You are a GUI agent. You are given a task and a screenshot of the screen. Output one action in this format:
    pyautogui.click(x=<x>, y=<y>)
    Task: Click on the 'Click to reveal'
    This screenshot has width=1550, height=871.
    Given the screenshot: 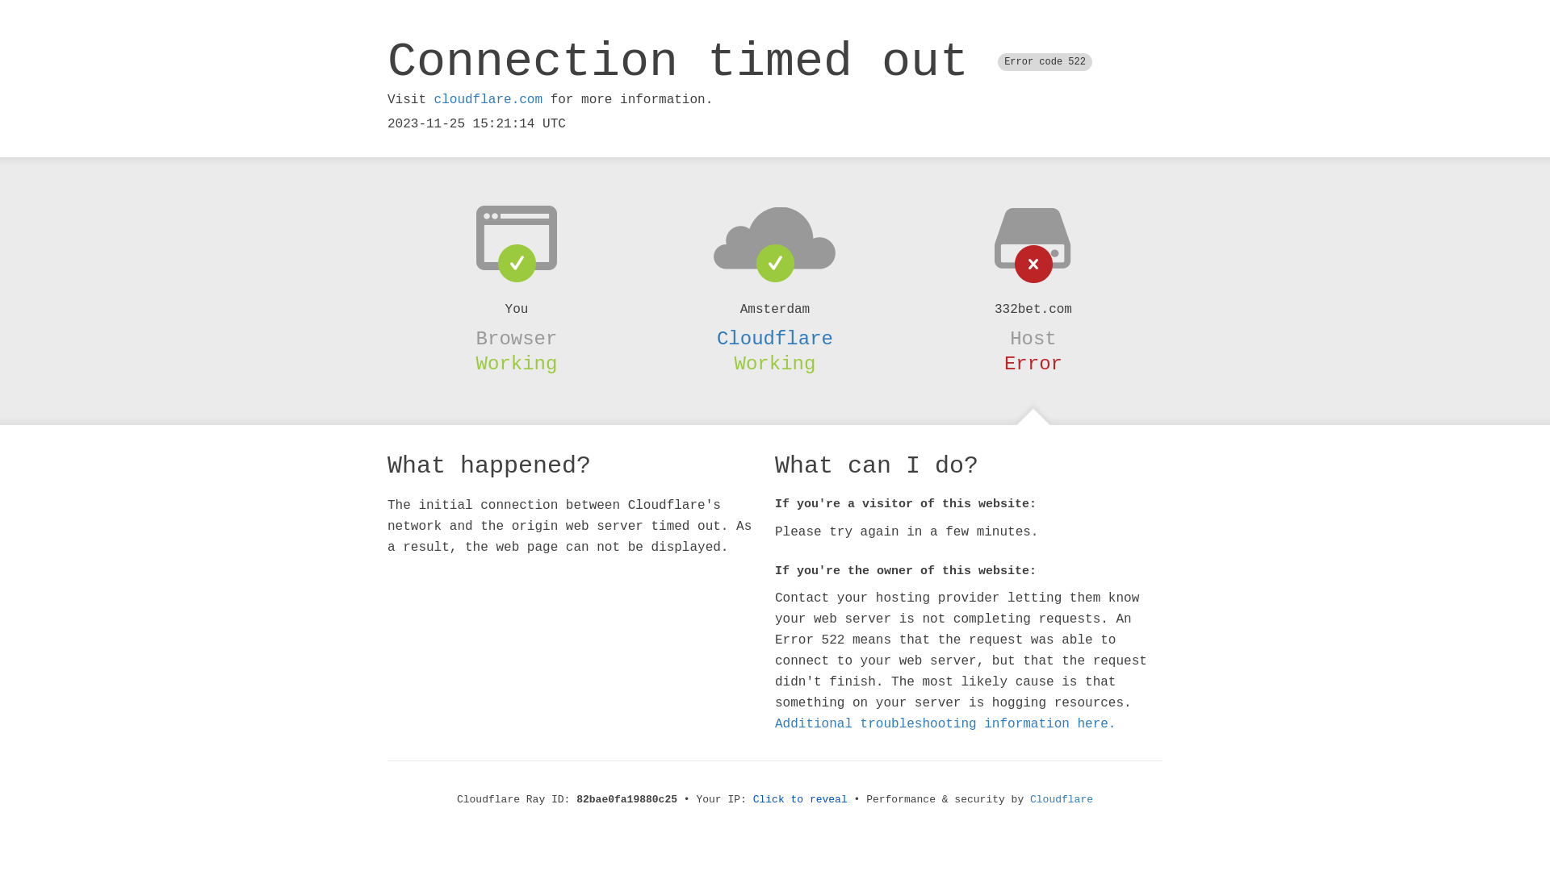 What is the action you would take?
    pyautogui.click(x=800, y=799)
    